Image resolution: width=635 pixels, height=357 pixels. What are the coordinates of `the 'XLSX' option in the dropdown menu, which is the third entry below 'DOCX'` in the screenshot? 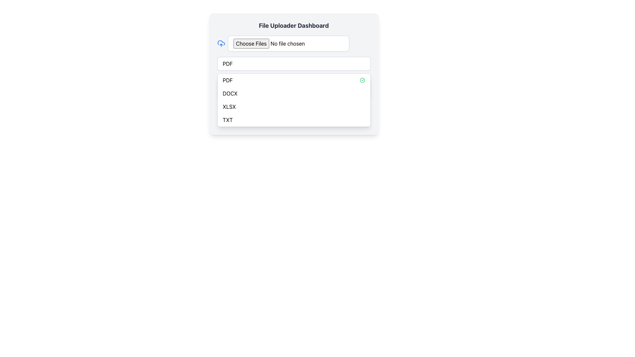 It's located at (293, 106).